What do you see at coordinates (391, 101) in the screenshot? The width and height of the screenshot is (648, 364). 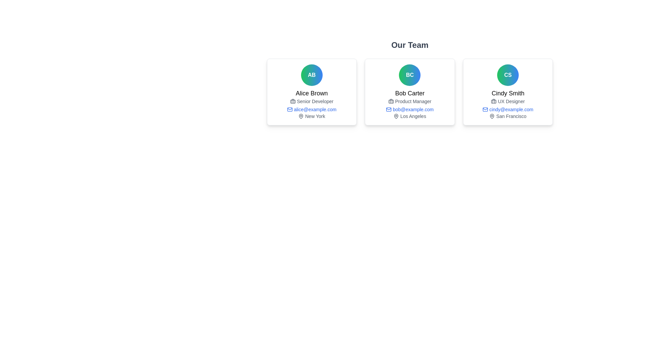 I see `the briefcase icon located in the middle card labeled 'Bob Carter' among three horizontally arranged cards` at bounding box center [391, 101].